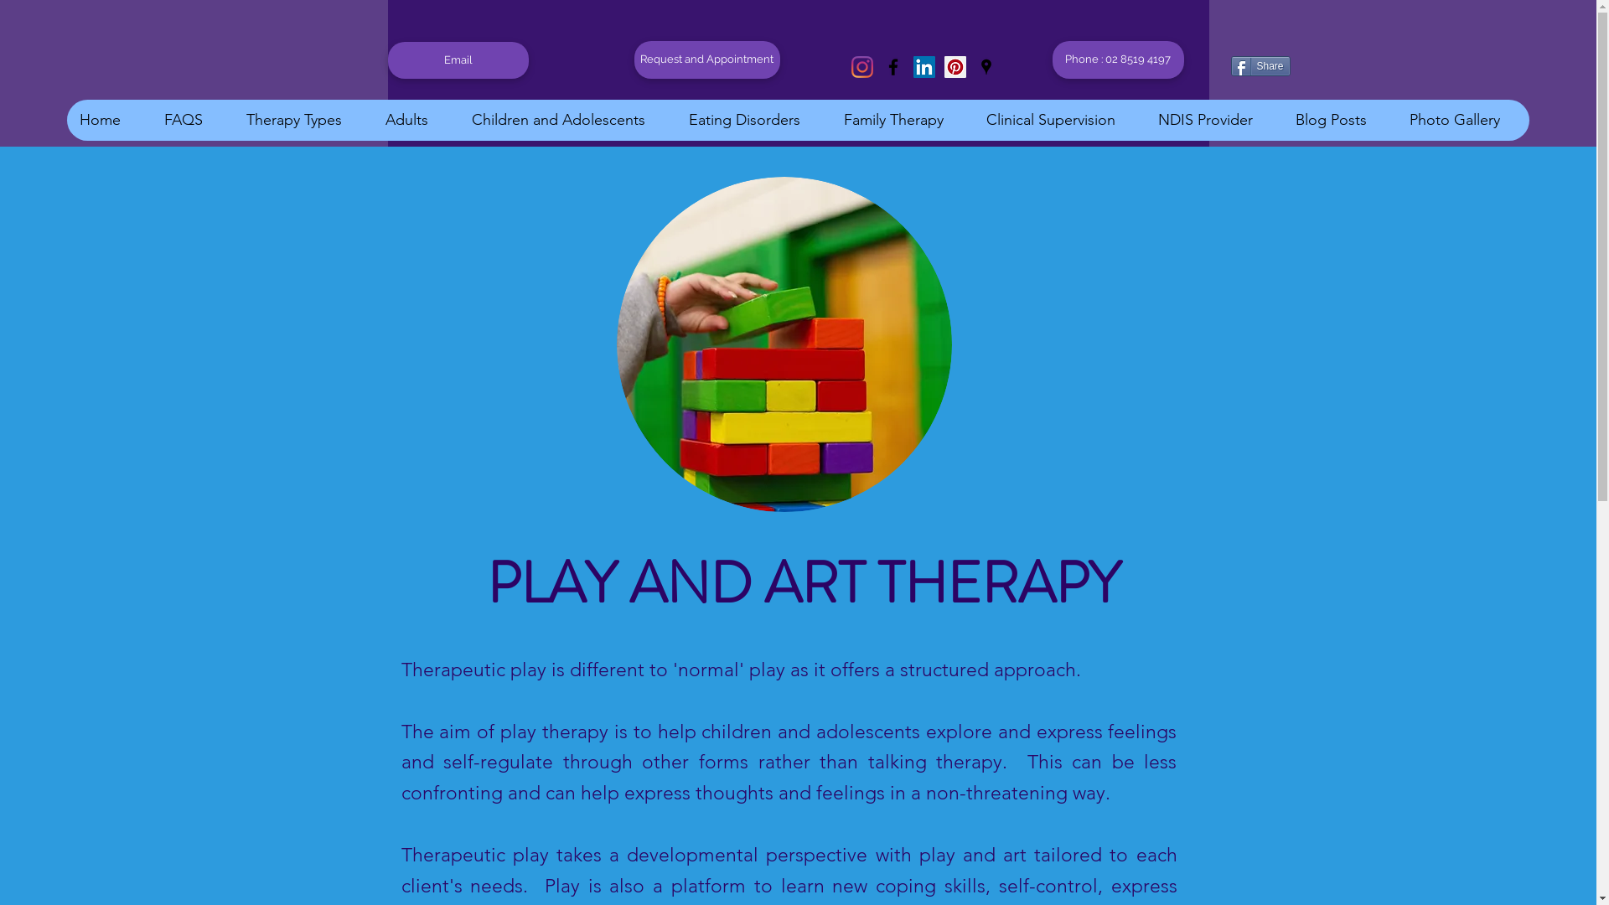  I want to click on 'Family Therapy', so click(900, 119).